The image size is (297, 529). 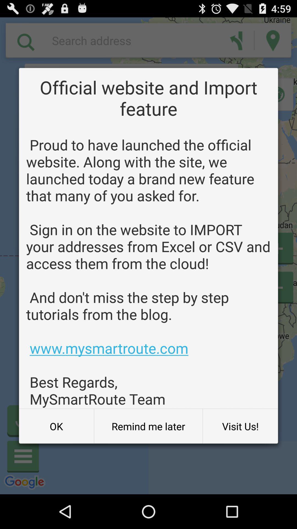 I want to click on button next to remind me later item, so click(x=56, y=426).